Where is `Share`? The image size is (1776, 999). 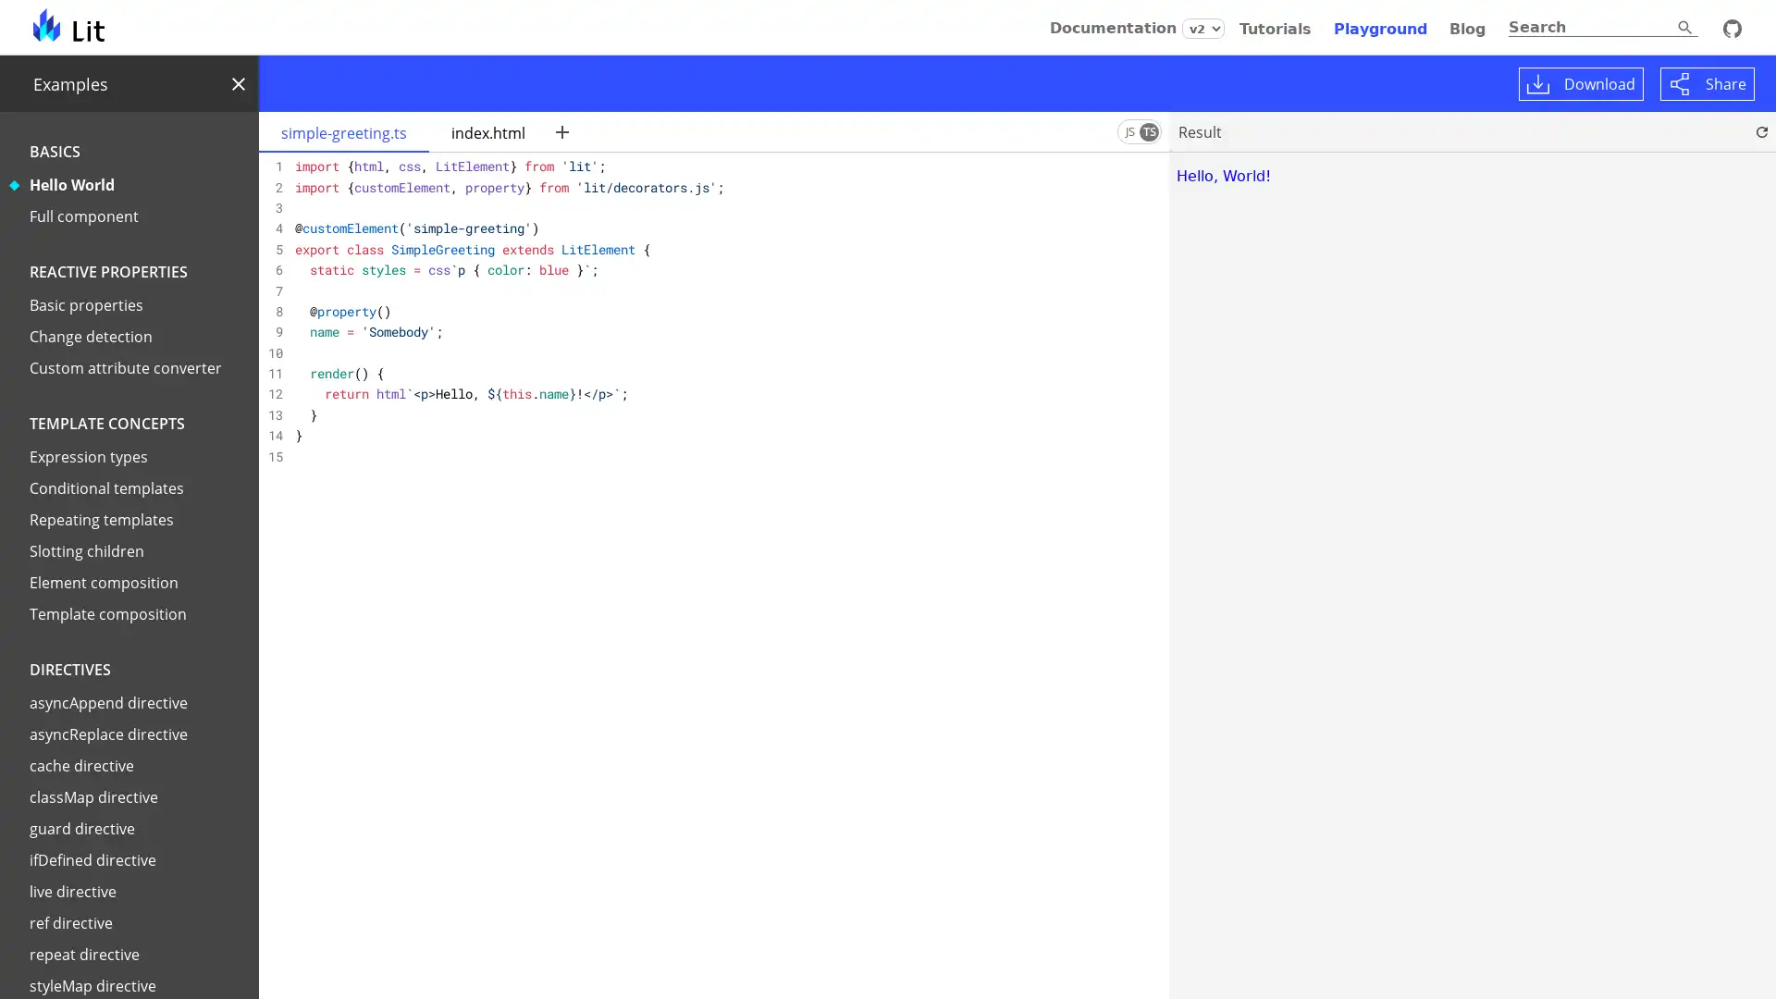 Share is located at coordinates (1705, 81).